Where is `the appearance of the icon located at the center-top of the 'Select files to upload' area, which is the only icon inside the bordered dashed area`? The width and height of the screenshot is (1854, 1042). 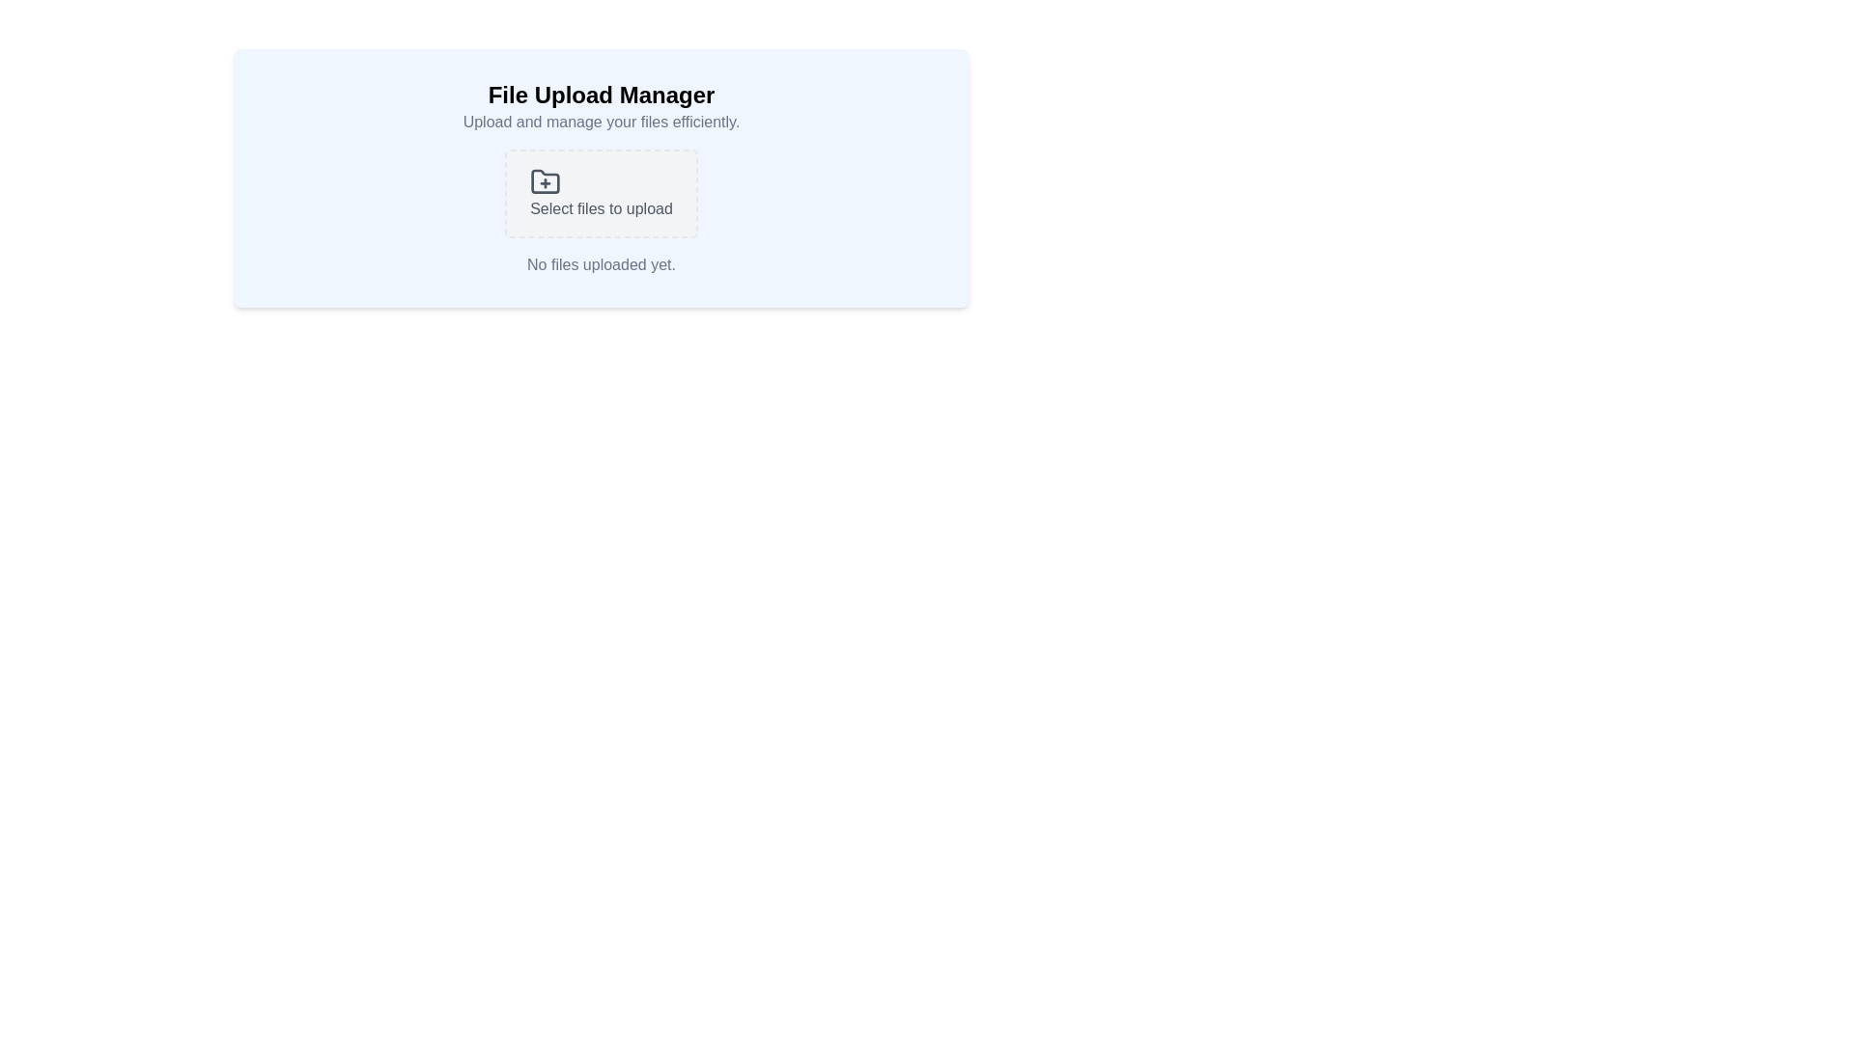 the appearance of the icon located at the center-top of the 'Select files to upload' area, which is the only icon inside the bordered dashed area is located at coordinates (545, 182).